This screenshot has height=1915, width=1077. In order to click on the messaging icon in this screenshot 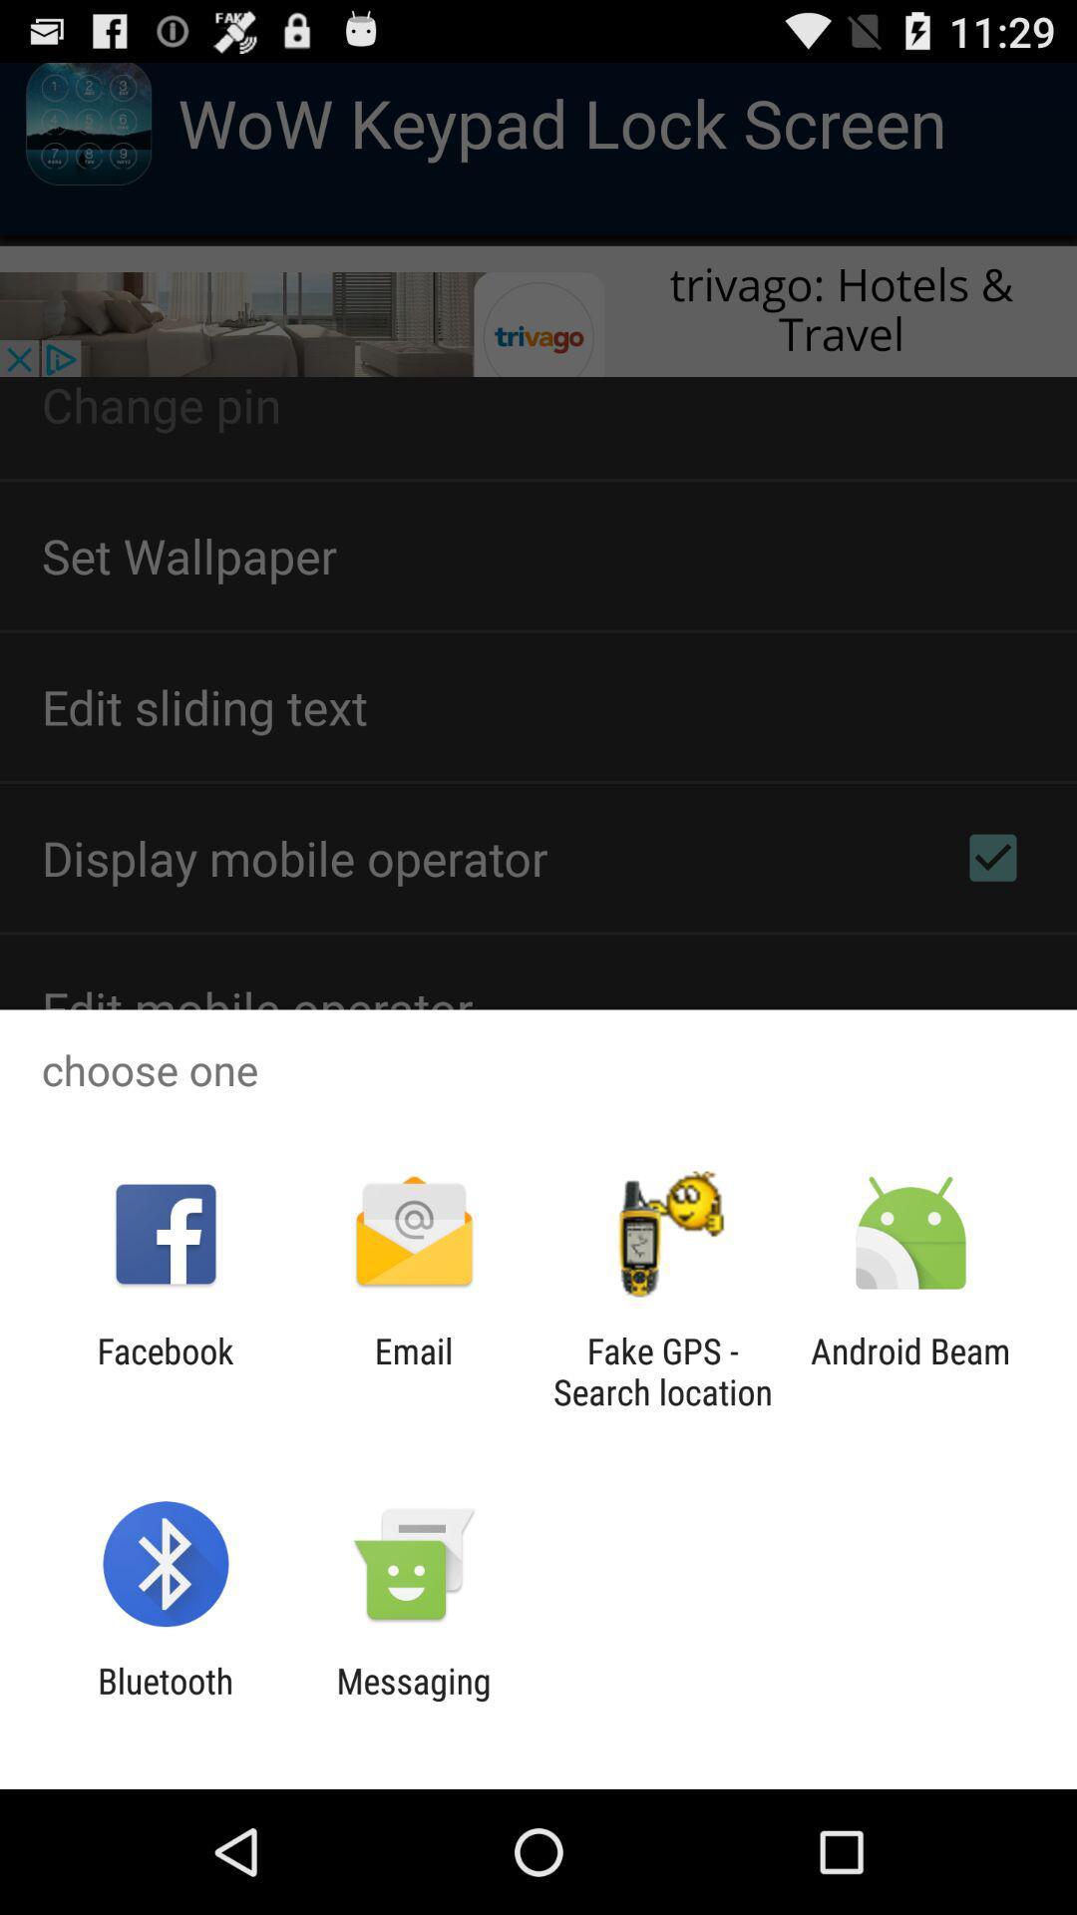, I will do `click(413, 1701)`.